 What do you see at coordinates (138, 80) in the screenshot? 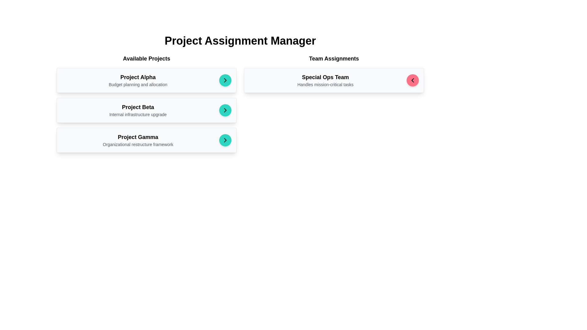
I see `the 'Project Alpha' text label cluster, which is the first element under the 'Available Projects' section, featuring a bold title and a description below it` at bounding box center [138, 80].